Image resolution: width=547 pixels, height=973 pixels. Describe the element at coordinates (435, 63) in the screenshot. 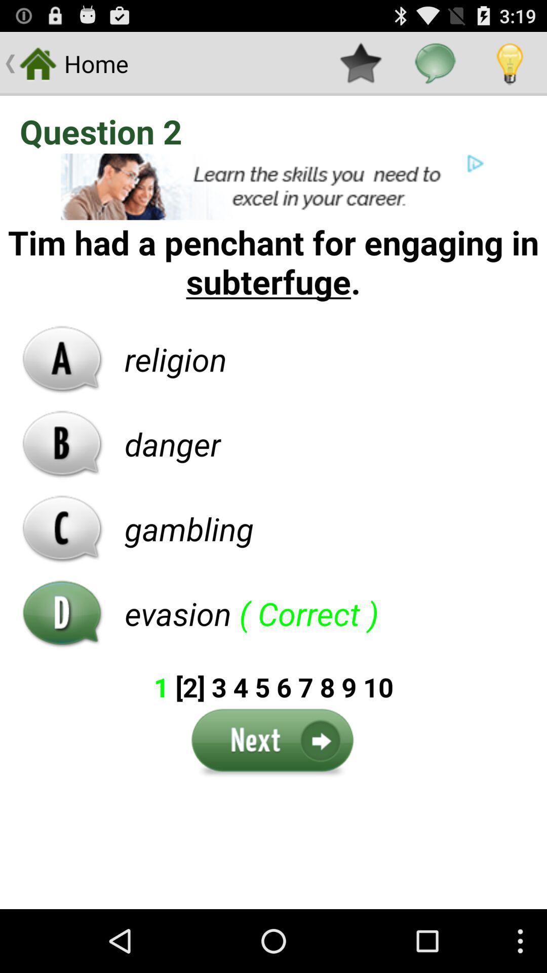

I see `the app above the question 2 item` at that location.